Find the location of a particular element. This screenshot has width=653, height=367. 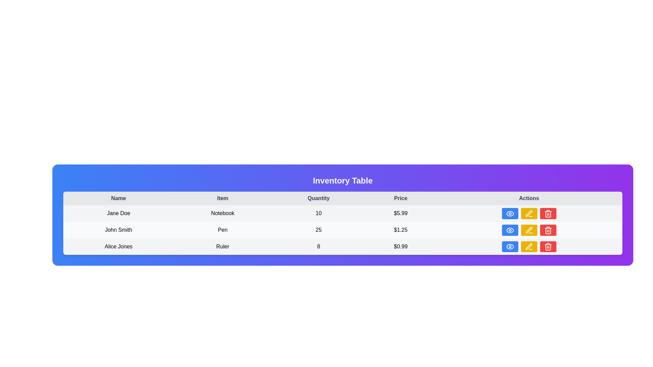

the delete icon button located in the 'Actions' column of the third row of the inventory table to possibly see a tooltip is located at coordinates (548, 230).